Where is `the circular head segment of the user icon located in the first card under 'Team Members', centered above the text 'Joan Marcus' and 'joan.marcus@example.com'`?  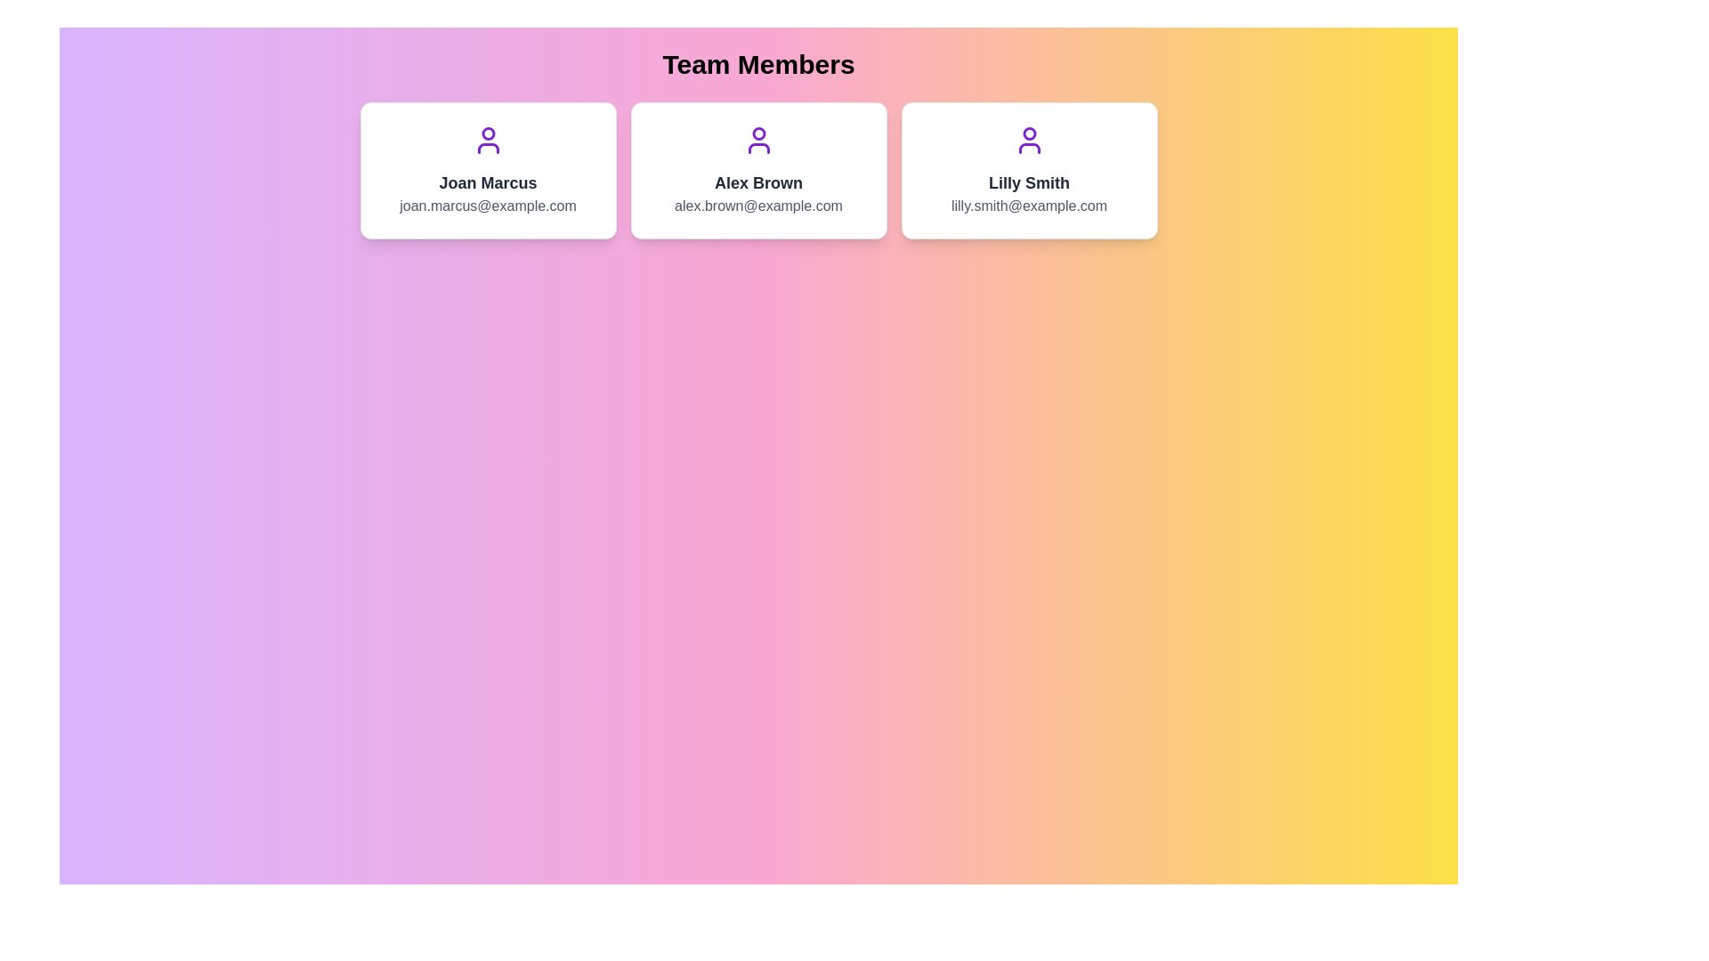 the circular head segment of the user icon located in the first card under 'Team Members', centered above the text 'Joan Marcus' and 'joan.marcus@example.com' is located at coordinates (488, 133).